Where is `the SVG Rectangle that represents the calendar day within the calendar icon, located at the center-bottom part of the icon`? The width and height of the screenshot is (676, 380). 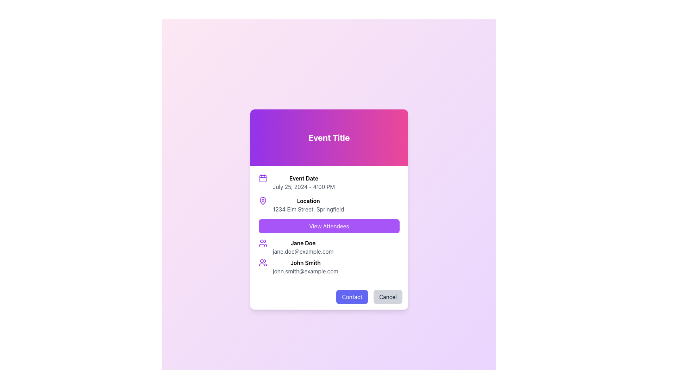
the SVG Rectangle that represents the calendar day within the calendar icon, located at the center-bottom part of the icon is located at coordinates (263, 178).